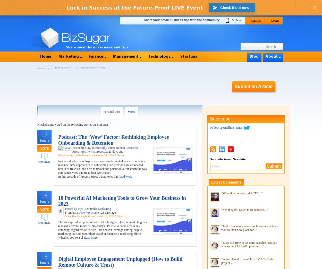 This screenshot has height=269, width=322. What do you see at coordinates (131, 111) in the screenshot?
I see `'Voted'` at bounding box center [131, 111].